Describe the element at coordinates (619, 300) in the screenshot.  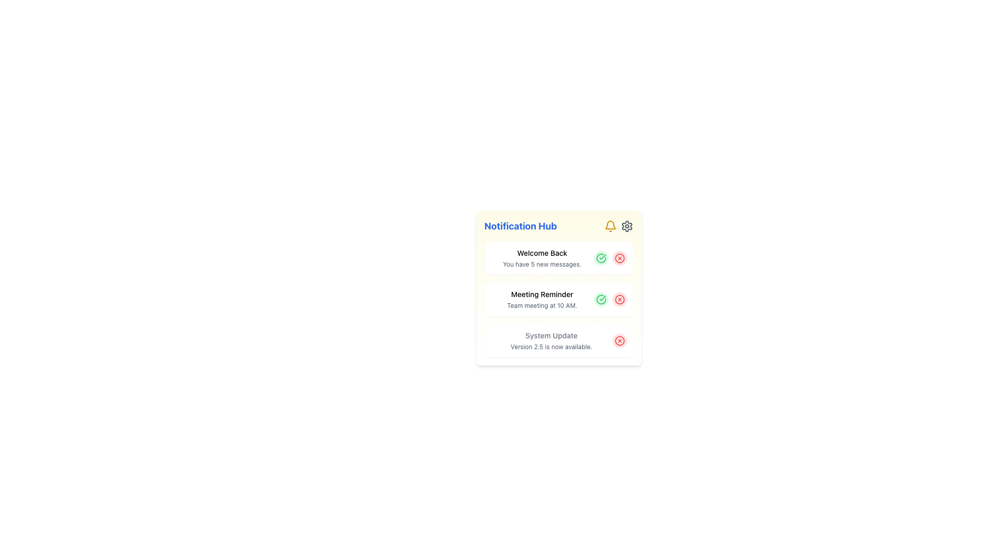
I see `the circular red outlined icon with a central cross in the 'System Update' notification row` at that location.